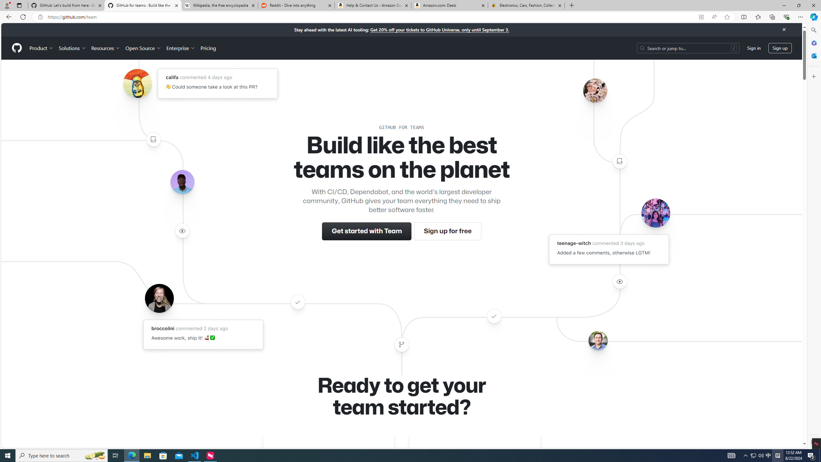 This screenshot has height=462, width=821. What do you see at coordinates (144, 48) in the screenshot?
I see `'Open Source'` at bounding box center [144, 48].